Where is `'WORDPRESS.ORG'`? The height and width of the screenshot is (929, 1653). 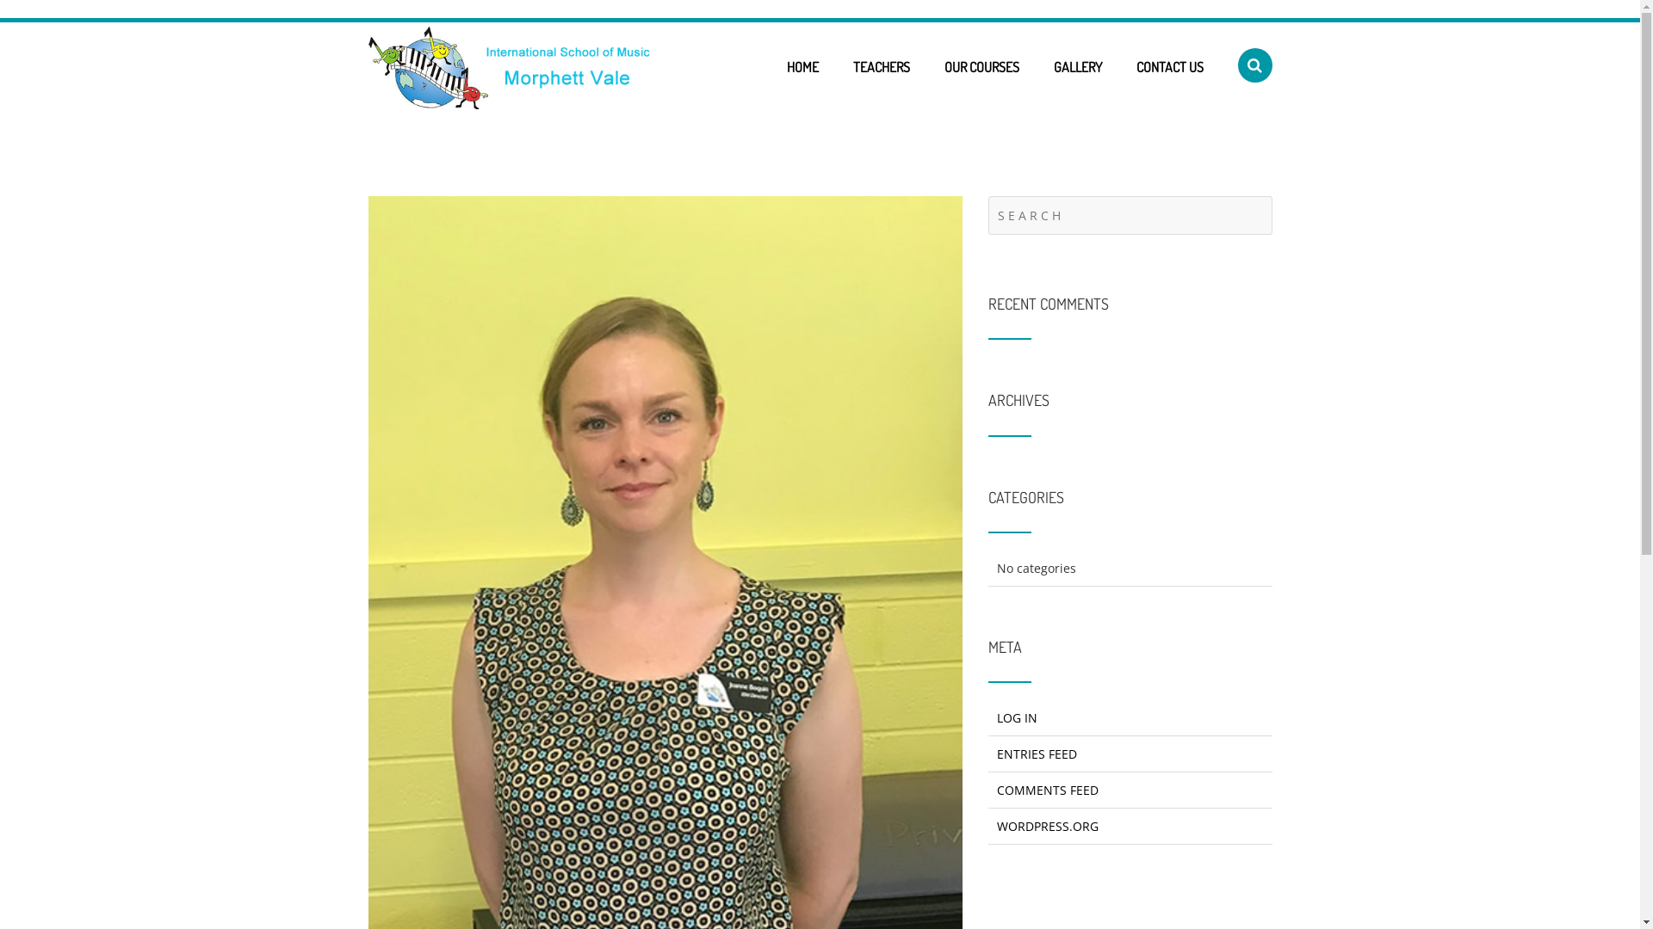 'WORDPRESS.ORG' is located at coordinates (1047, 825).